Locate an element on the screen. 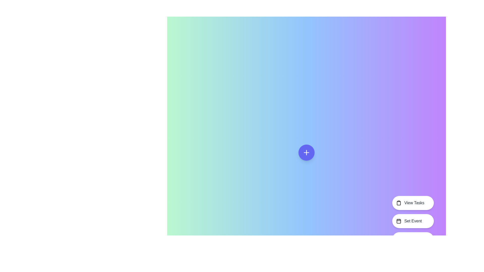 This screenshot has width=484, height=272. the calendar icon, which is a minimalist outline graphic is located at coordinates (398, 221).